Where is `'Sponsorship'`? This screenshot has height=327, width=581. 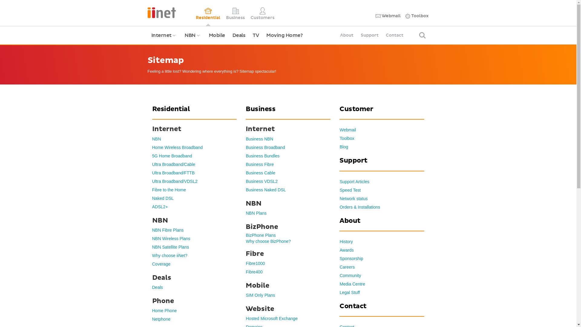
'Sponsorship' is located at coordinates (351, 258).